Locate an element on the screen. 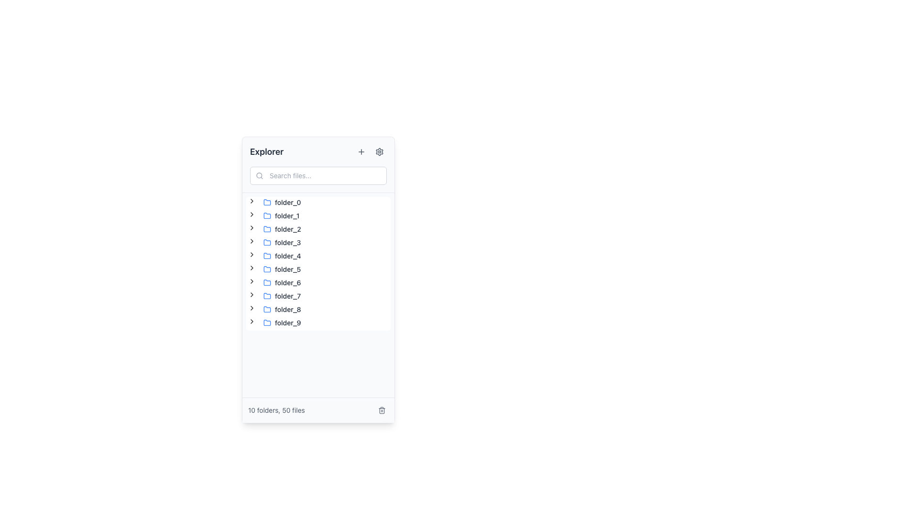 Image resolution: width=918 pixels, height=516 pixels. to select the Tree node element representing a folder in the Explorer, which is the first item in the list containing a folder icon and text label is located at coordinates (282, 202).